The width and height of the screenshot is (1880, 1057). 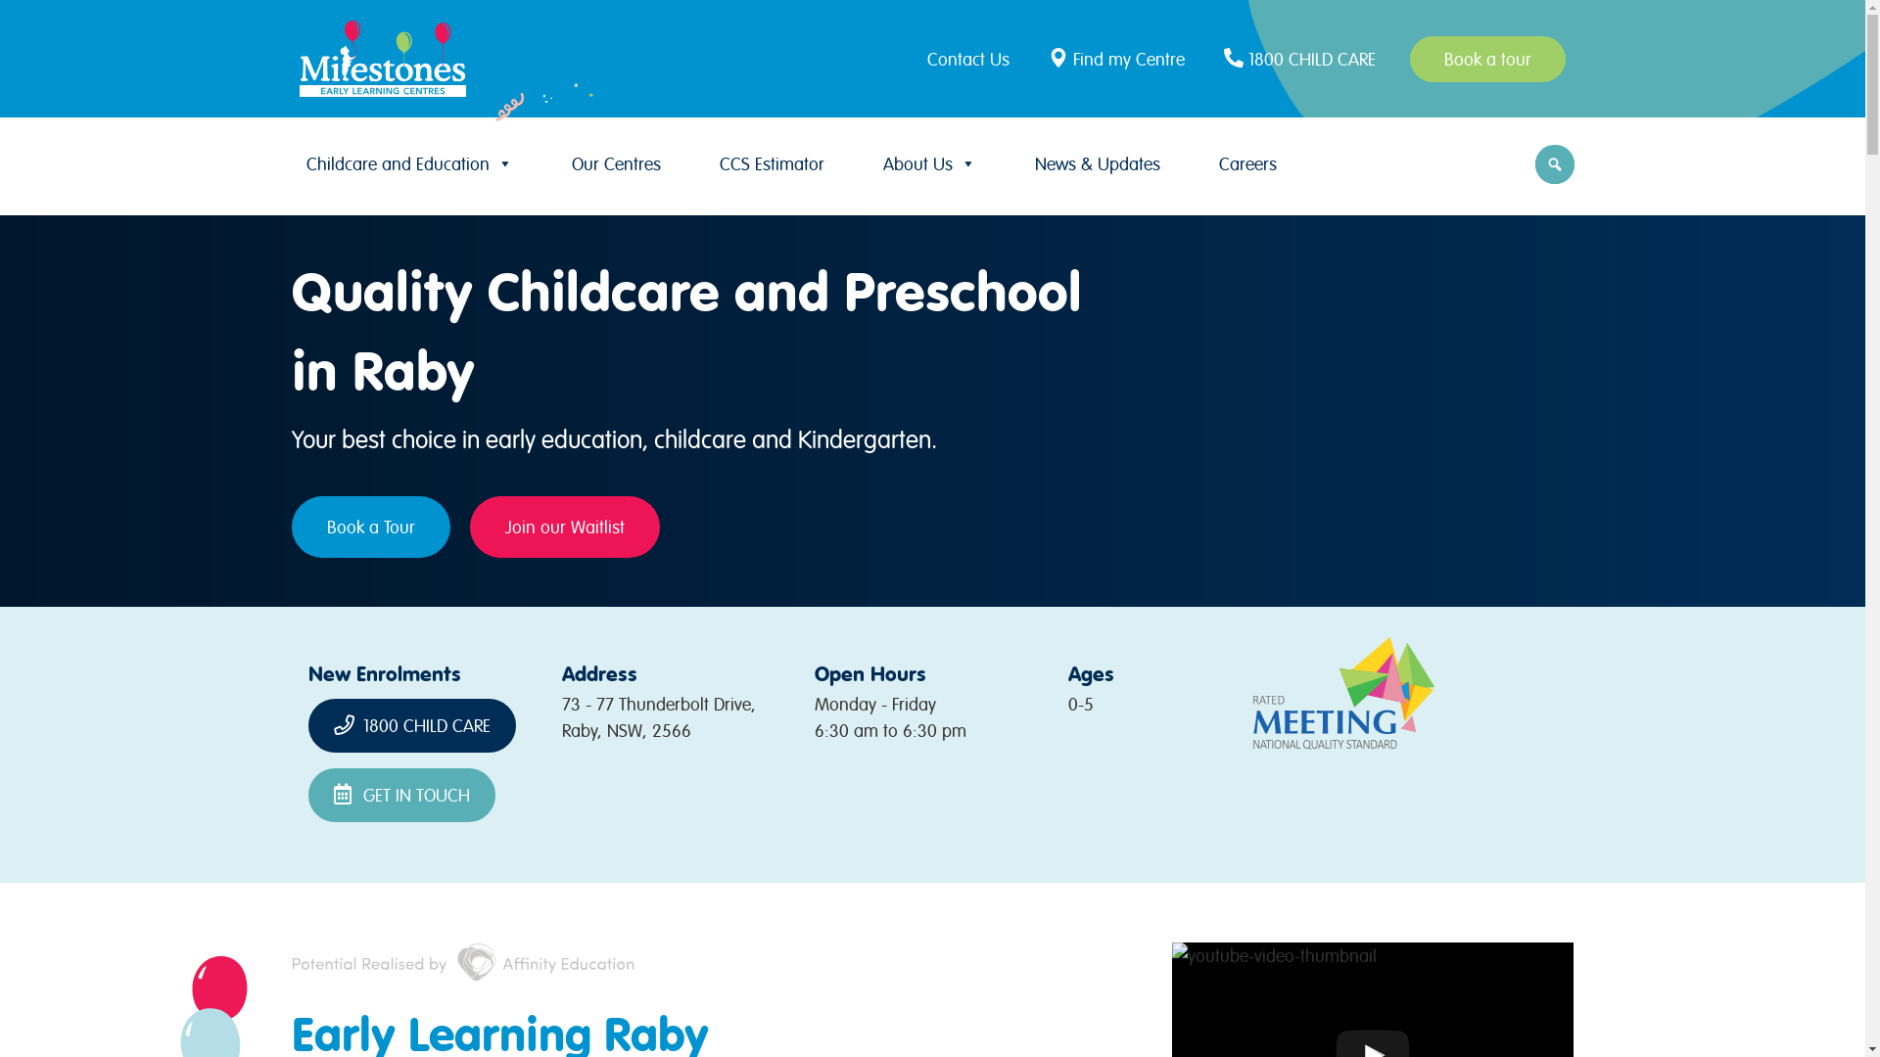 What do you see at coordinates (561, 162) in the screenshot?
I see `'Our Centres'` at bounding box center [561, 162].